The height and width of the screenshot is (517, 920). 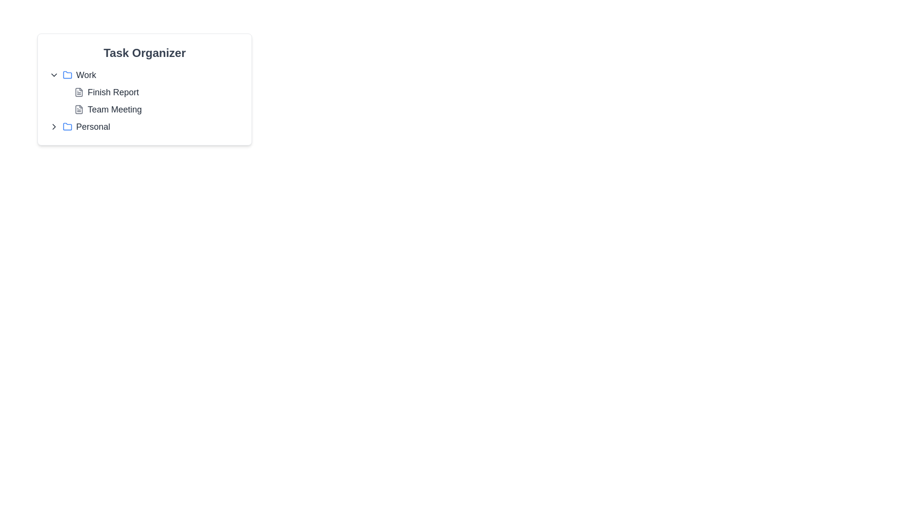 I want to click on the file icon related to the 'Finish Report' task, which is located to the left of the 'Finish Report' text under the 'Work' folder, so click(x=79, y=92).